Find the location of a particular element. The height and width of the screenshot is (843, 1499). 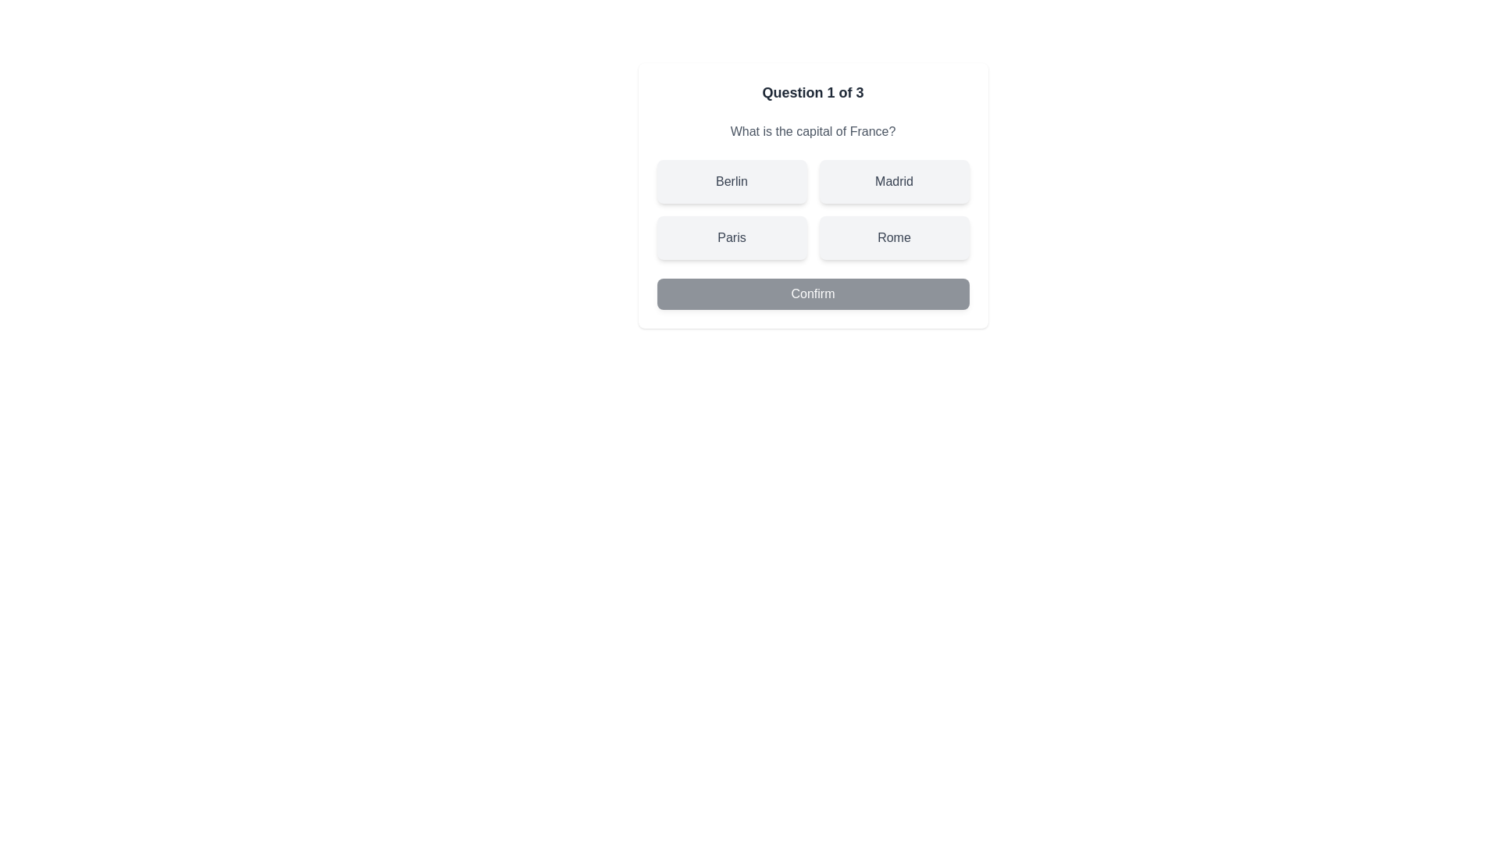

the quiz option Paris by clicking on it is located at coordinates (731, 237).